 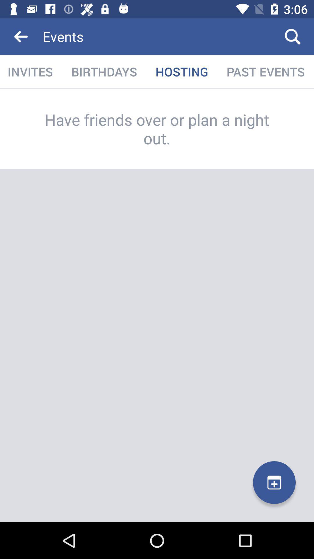 What do you see at coordinates (181, 71) in the screenshot?
I see `item below events item` at bounding box center [181, 71].